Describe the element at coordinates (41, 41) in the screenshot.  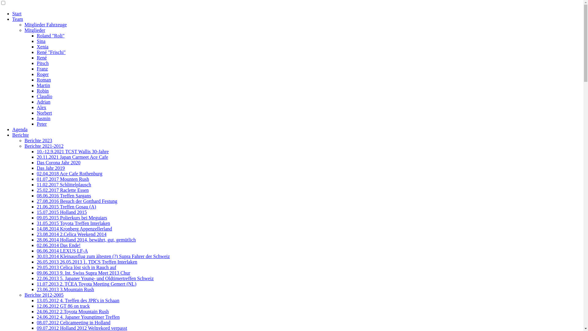
I see `'Sina'` at that location.